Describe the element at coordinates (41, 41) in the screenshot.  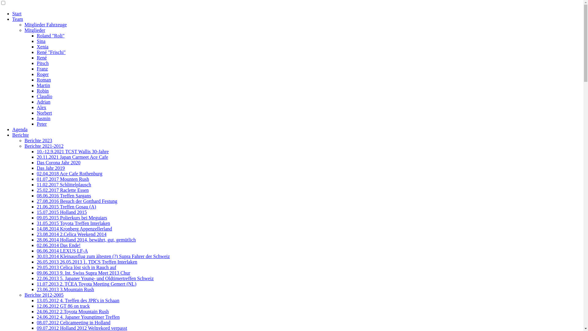
I see `'Sina'` at that location.